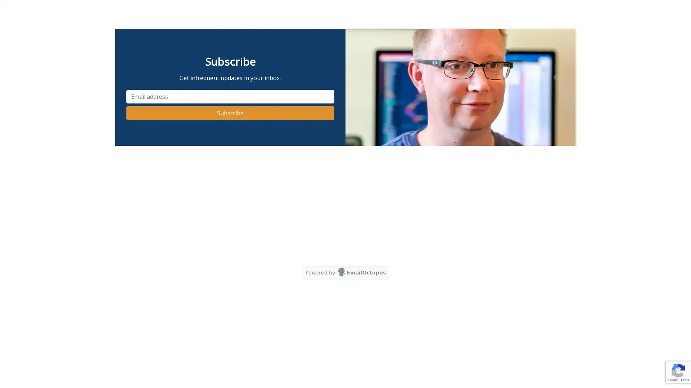 The height and width of the screenshot is (388, 691). I want to click on Subscribe, so click(229, 113).